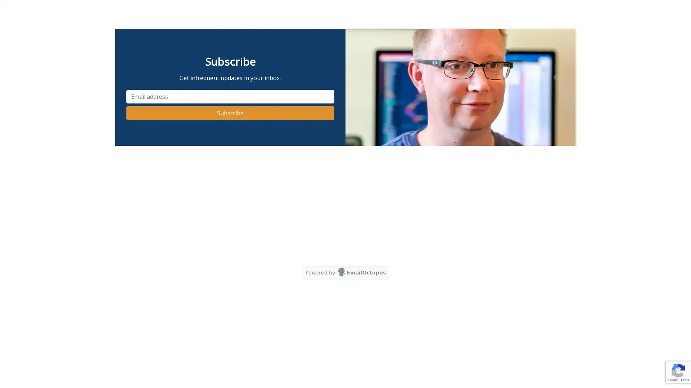 The height and width of the screenshot is (388, 691). I want to click on Subscribe, so click(229, 113).